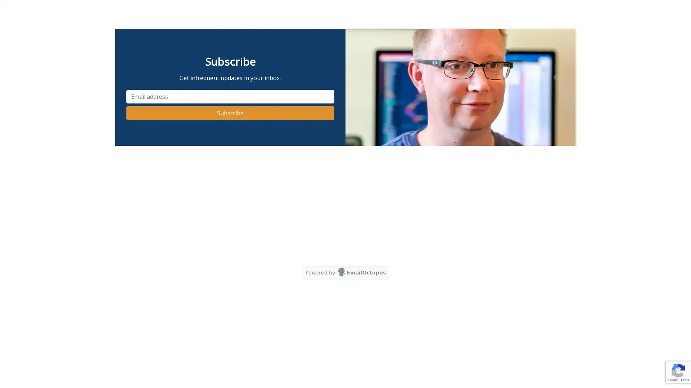 The height and width of the screenshot is (388, 691). I want to click on Subscribe, so click(229, 113).